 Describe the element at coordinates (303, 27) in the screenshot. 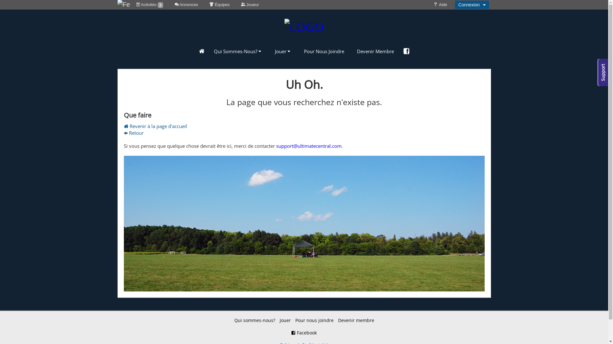

I see `'LOGO'` at that location.